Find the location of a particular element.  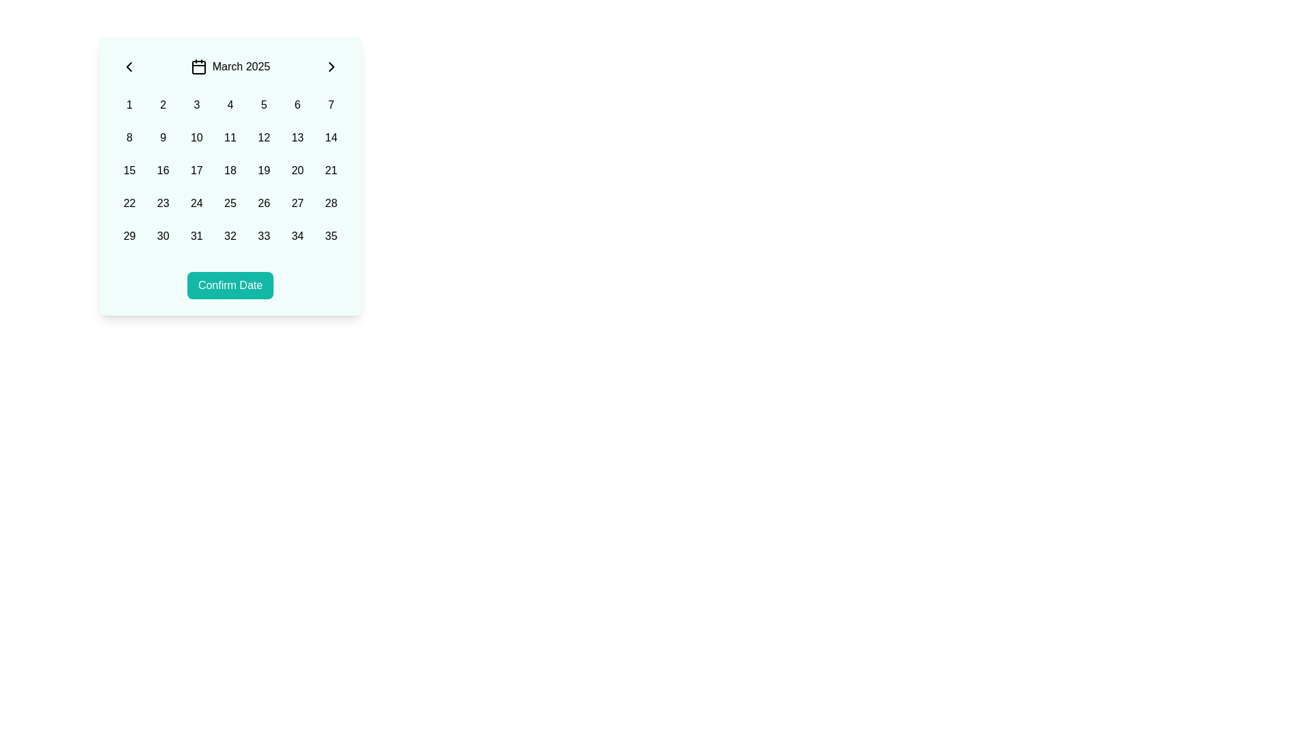

the dates in the Calendar Widget is located at coordinates (230, 176).